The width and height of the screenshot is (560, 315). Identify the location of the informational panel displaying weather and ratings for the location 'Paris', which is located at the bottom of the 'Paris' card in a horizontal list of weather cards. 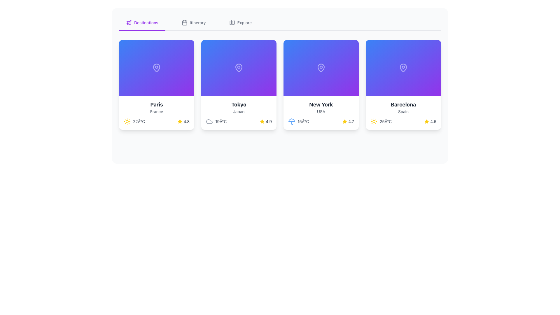
(157, 121).